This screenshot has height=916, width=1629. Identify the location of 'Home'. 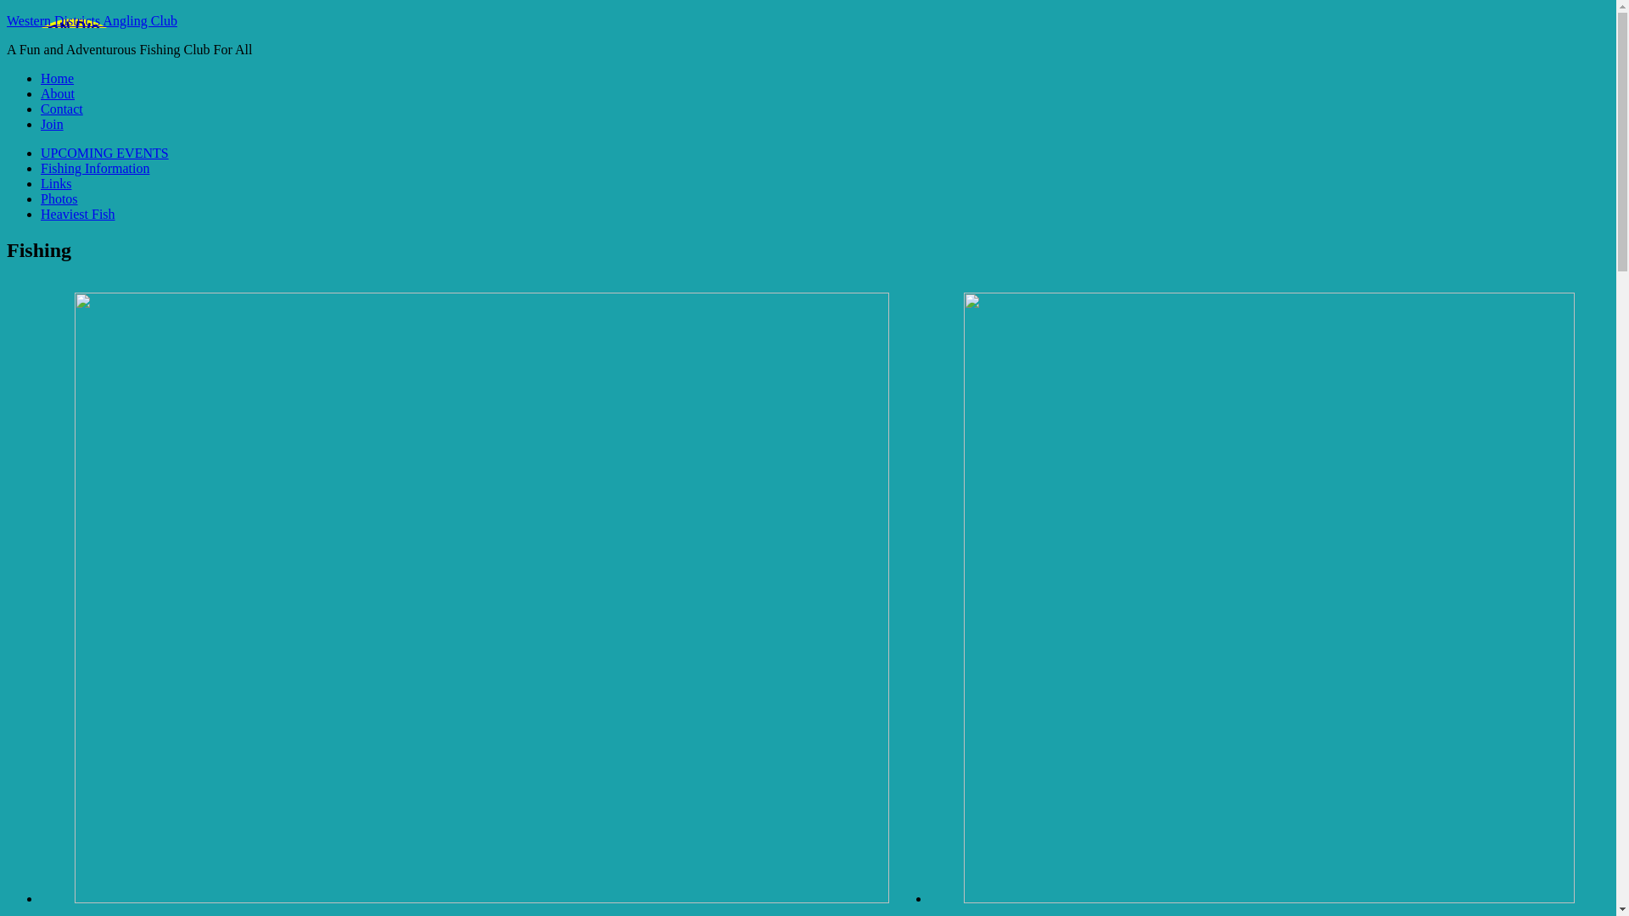
(57, 78).